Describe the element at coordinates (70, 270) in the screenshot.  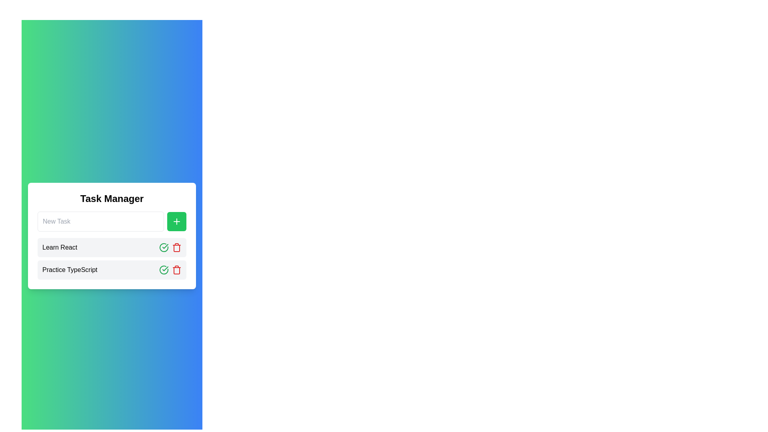
I see `the static text label displaying 'Practice TypeScript' located in the second task list item under the 'Task Manager' section` at that location.